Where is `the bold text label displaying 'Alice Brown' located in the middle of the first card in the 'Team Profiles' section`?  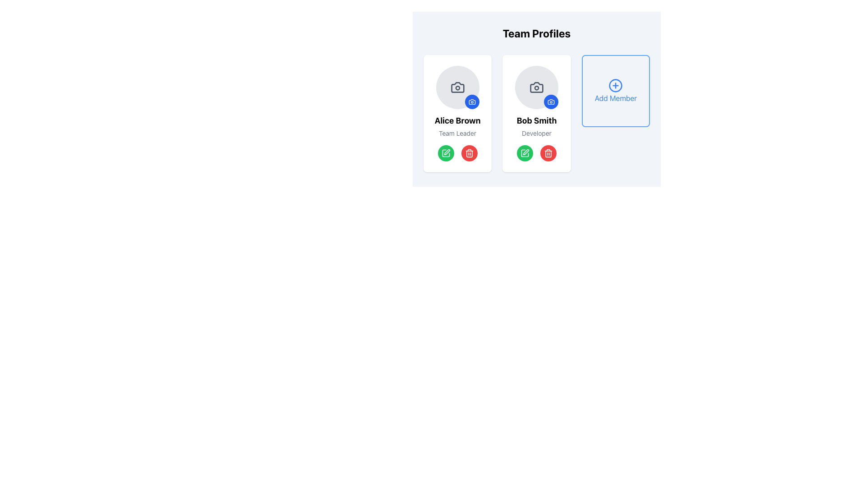 the bold text label displaying 'Alice Brown' located in the middle of the first card in the 'Team Profiles' section is located at coordinates (457, 120).